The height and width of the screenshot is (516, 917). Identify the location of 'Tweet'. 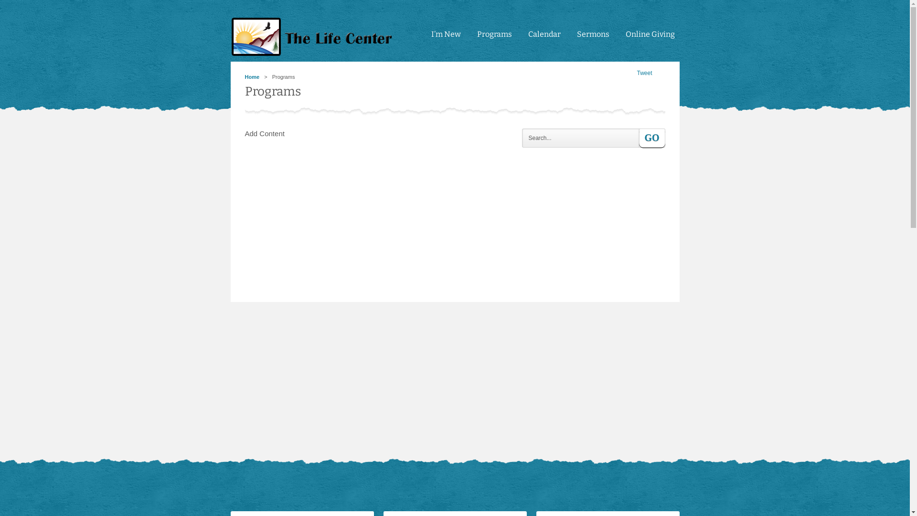
(644, 73).